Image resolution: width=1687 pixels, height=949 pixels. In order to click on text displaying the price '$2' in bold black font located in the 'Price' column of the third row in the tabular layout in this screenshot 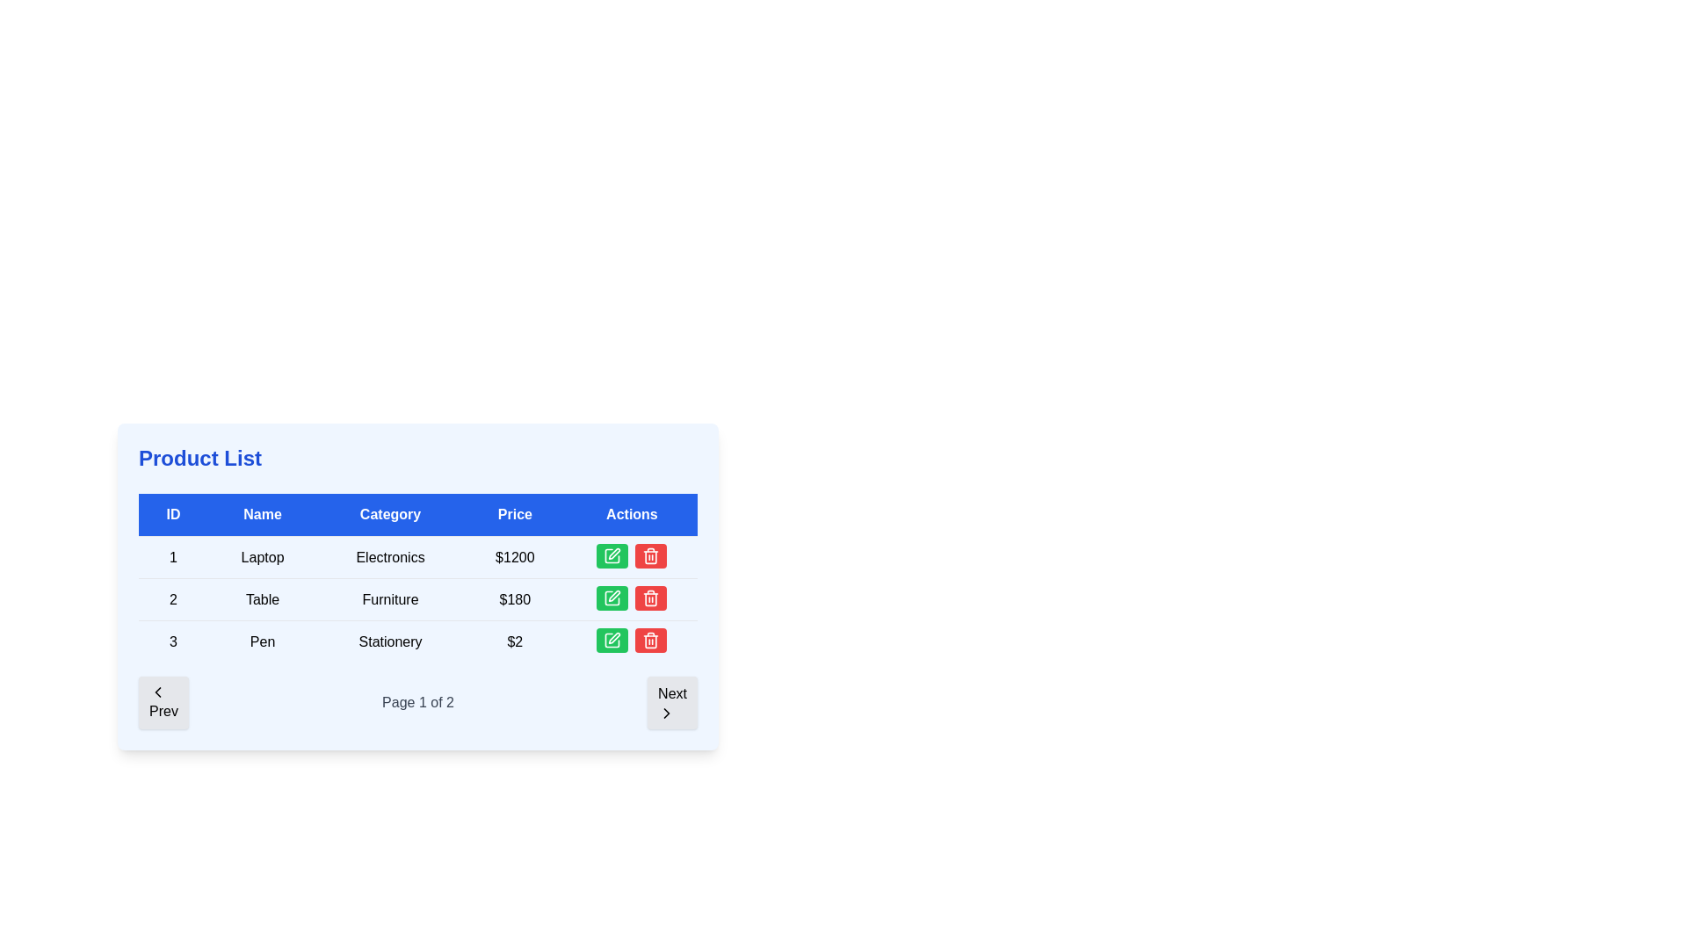, I will do `click(514, 641)`.